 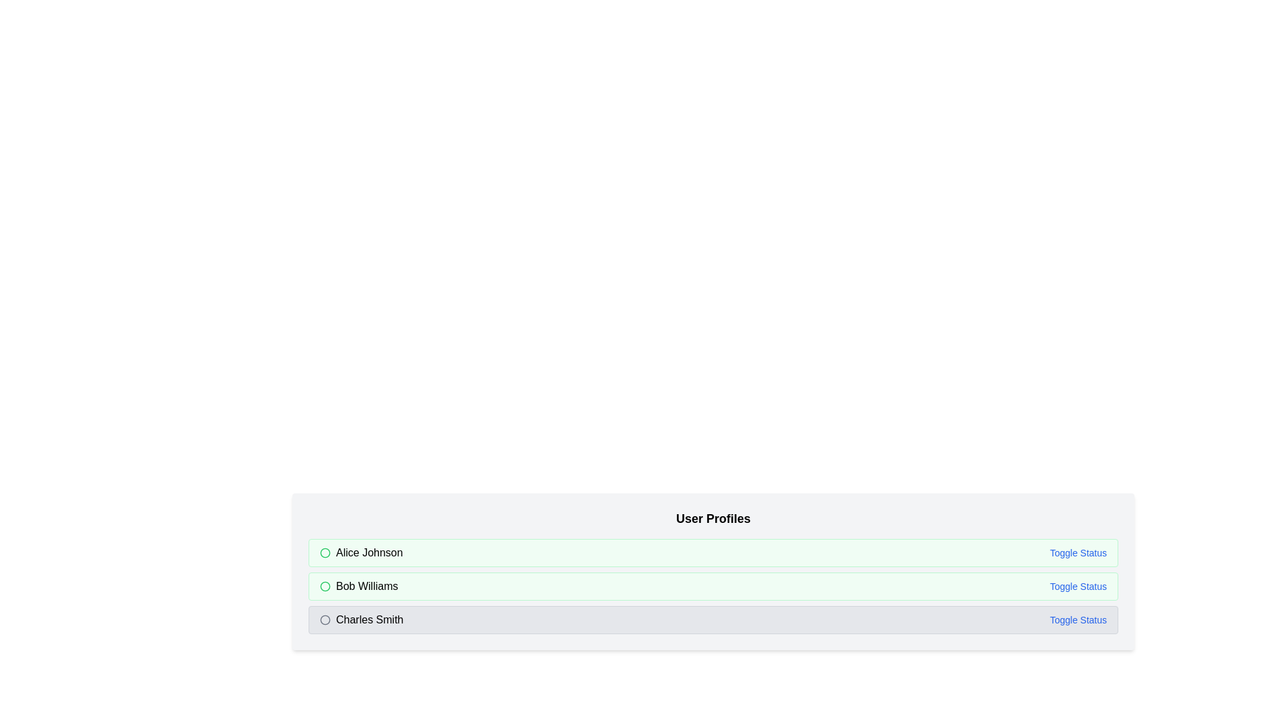 I want to click on the user profile text label that displays the user's name, which is located between 'Alice Johnson' and 'Charles Smith' in the vertically stacked list of user profiles, so click(x=367, y=586).